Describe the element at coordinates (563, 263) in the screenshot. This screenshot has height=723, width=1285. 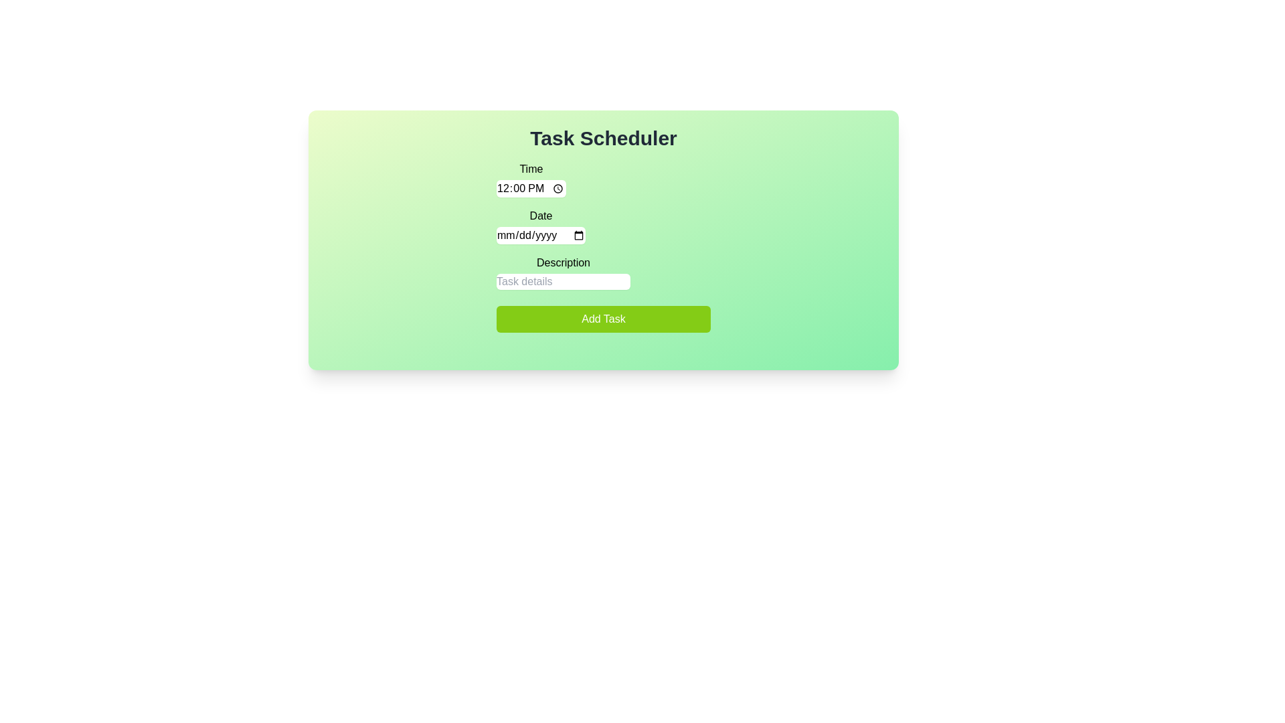
I see `the Text Label that instructs users to provide a task description, located above the input field labeled 'Task details' in the 'Task Scheduler' section` at that location.